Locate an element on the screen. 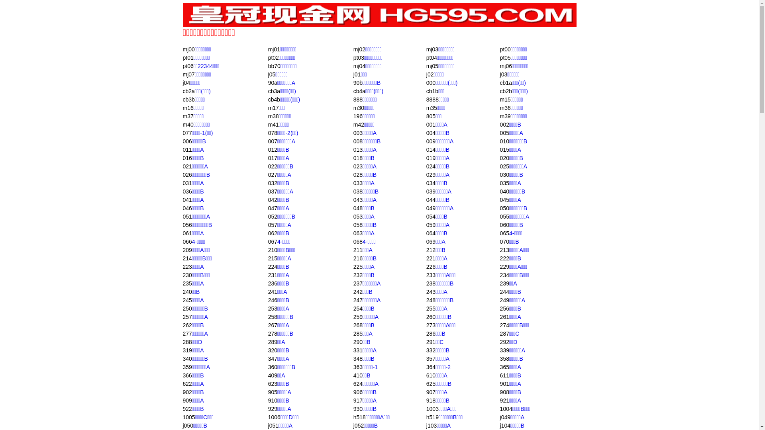  '292' is located at coordinates (504, 342).